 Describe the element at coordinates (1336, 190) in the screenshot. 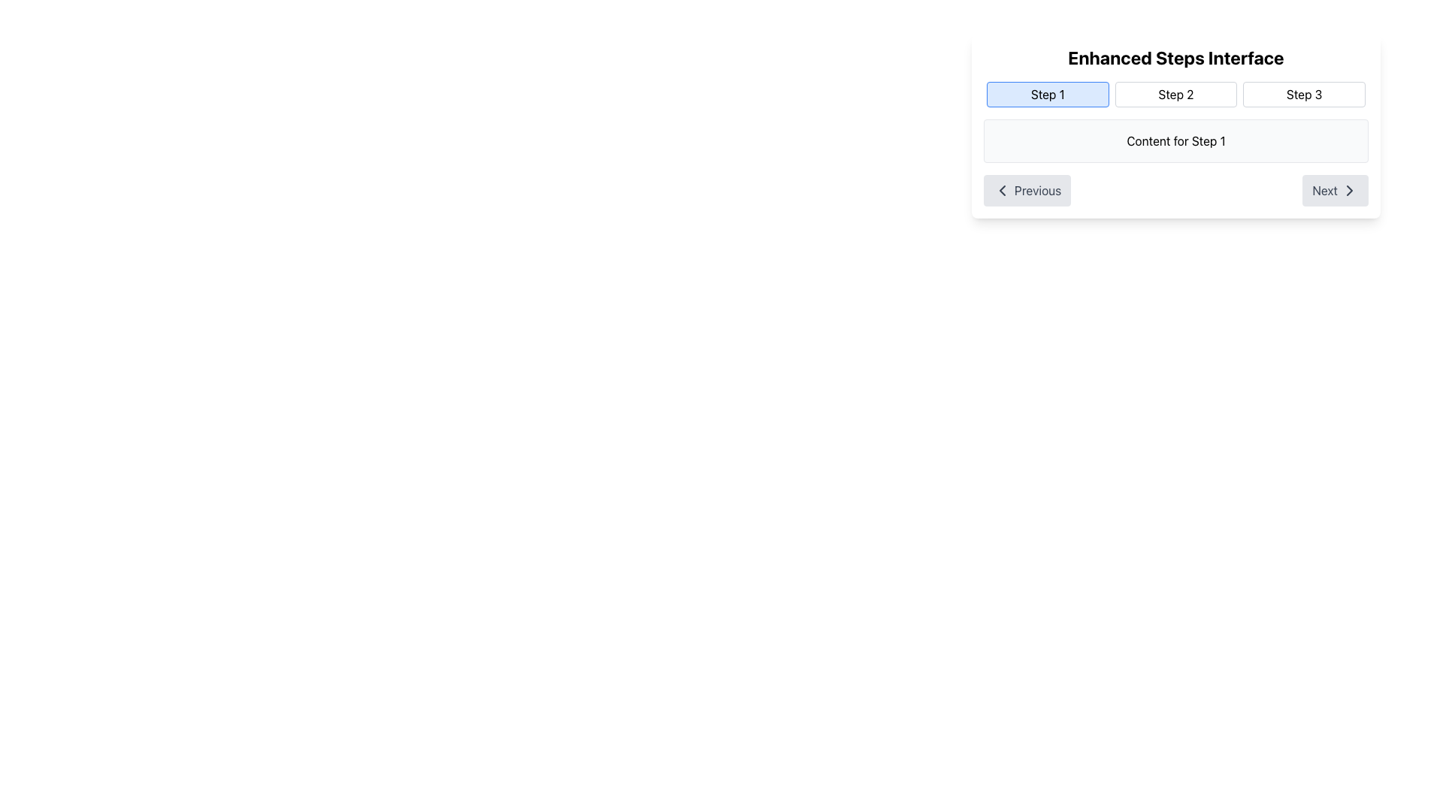

I see `the 'Next' button located at the bottom right of the interface, which is designed to navigate to the next step or page` at that location.